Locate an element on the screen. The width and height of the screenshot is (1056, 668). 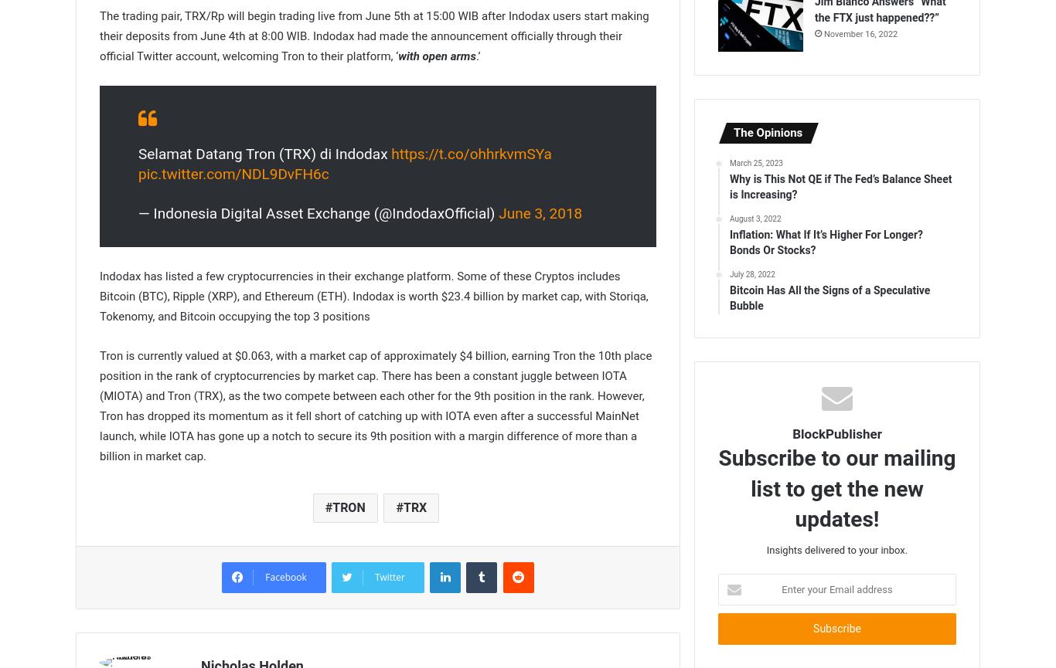
'pic.twitter.com/NDL9DvFH6c' is located at coordinates (233, 172).